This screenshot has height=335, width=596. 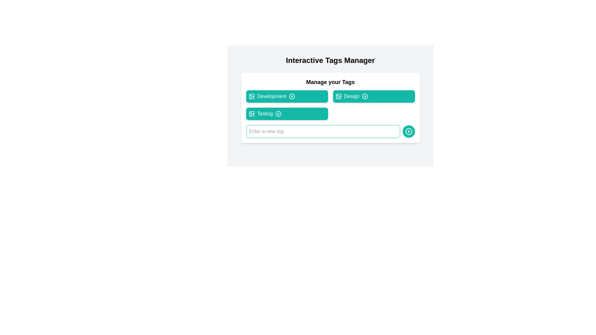 I want to click on the button located at the end of the 'Testing' tag in the 'Manage your Tags' section, so click(x=278, y=114).